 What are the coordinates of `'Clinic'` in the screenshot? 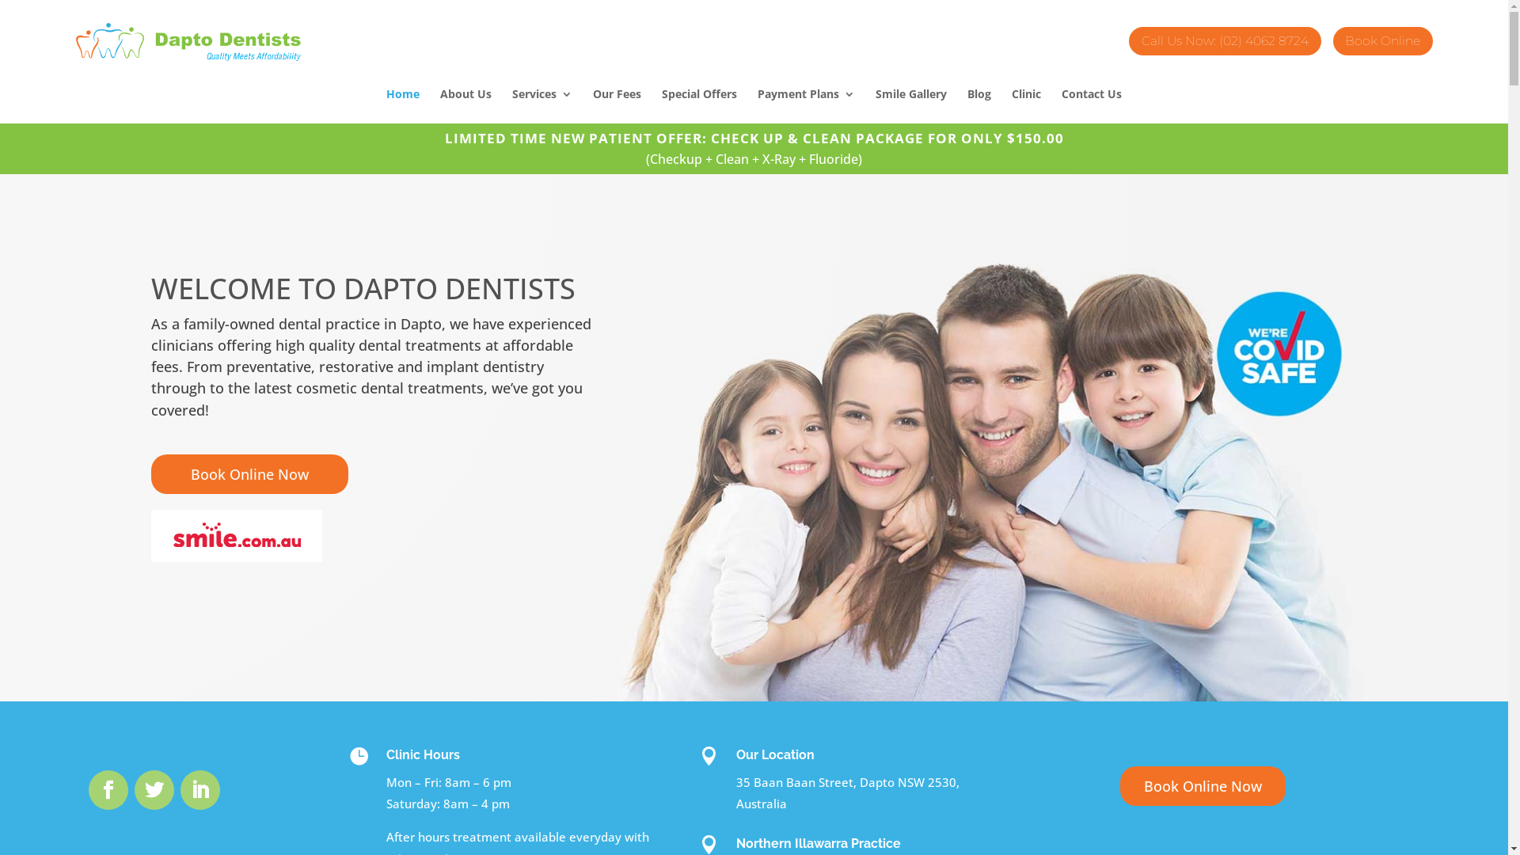 It's located at (1026, 106).